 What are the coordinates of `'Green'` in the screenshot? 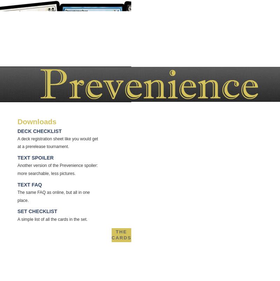 It's located at (131, 278).